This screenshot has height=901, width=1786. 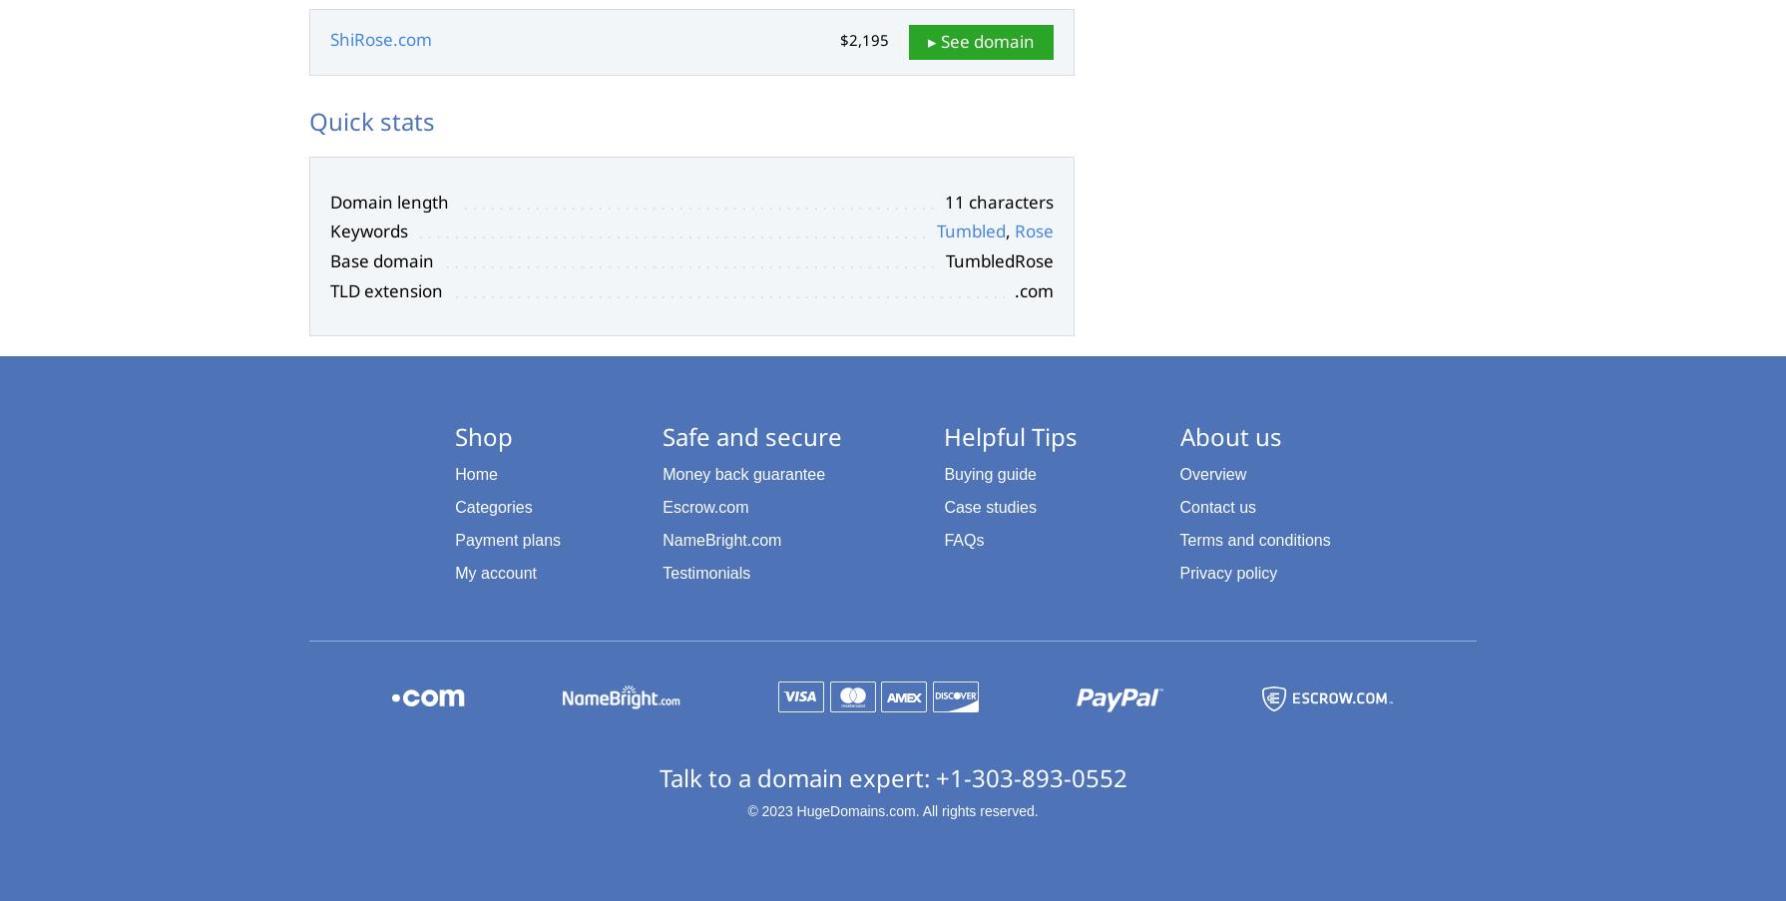 I want to click on 'My account', so click(x=495, y=571).